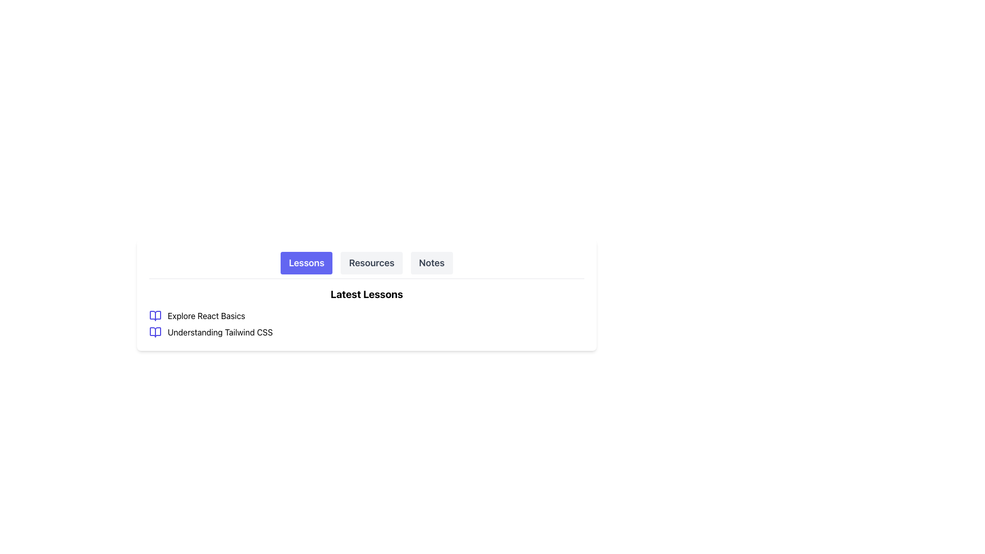  Describe the element at coordinates (154, 332) in the screenshot. I see `the open book icon with a purple stroke located below the 'Latest Lessons' section, specifically the second entry in the vertical list` at that location.